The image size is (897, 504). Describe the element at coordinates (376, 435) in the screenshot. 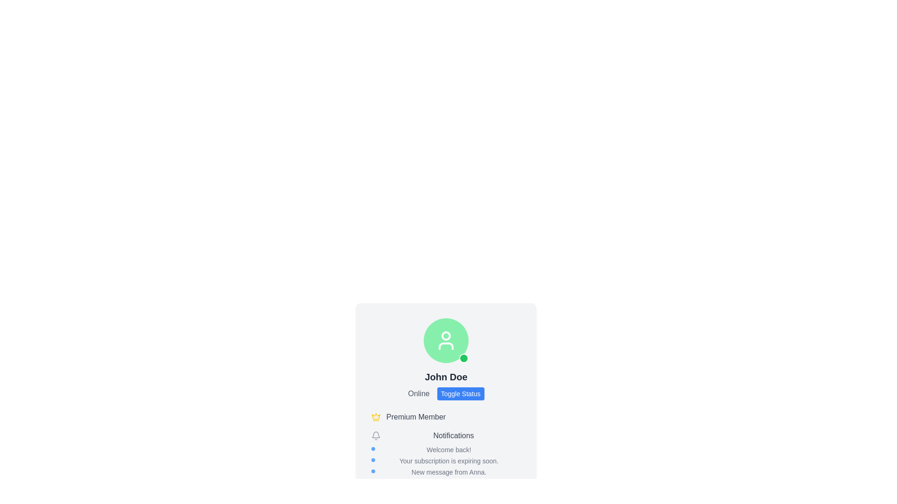

I see `the notification icon located to the left of the 'Notifications' text in the bottom region of the user information card` at that location.